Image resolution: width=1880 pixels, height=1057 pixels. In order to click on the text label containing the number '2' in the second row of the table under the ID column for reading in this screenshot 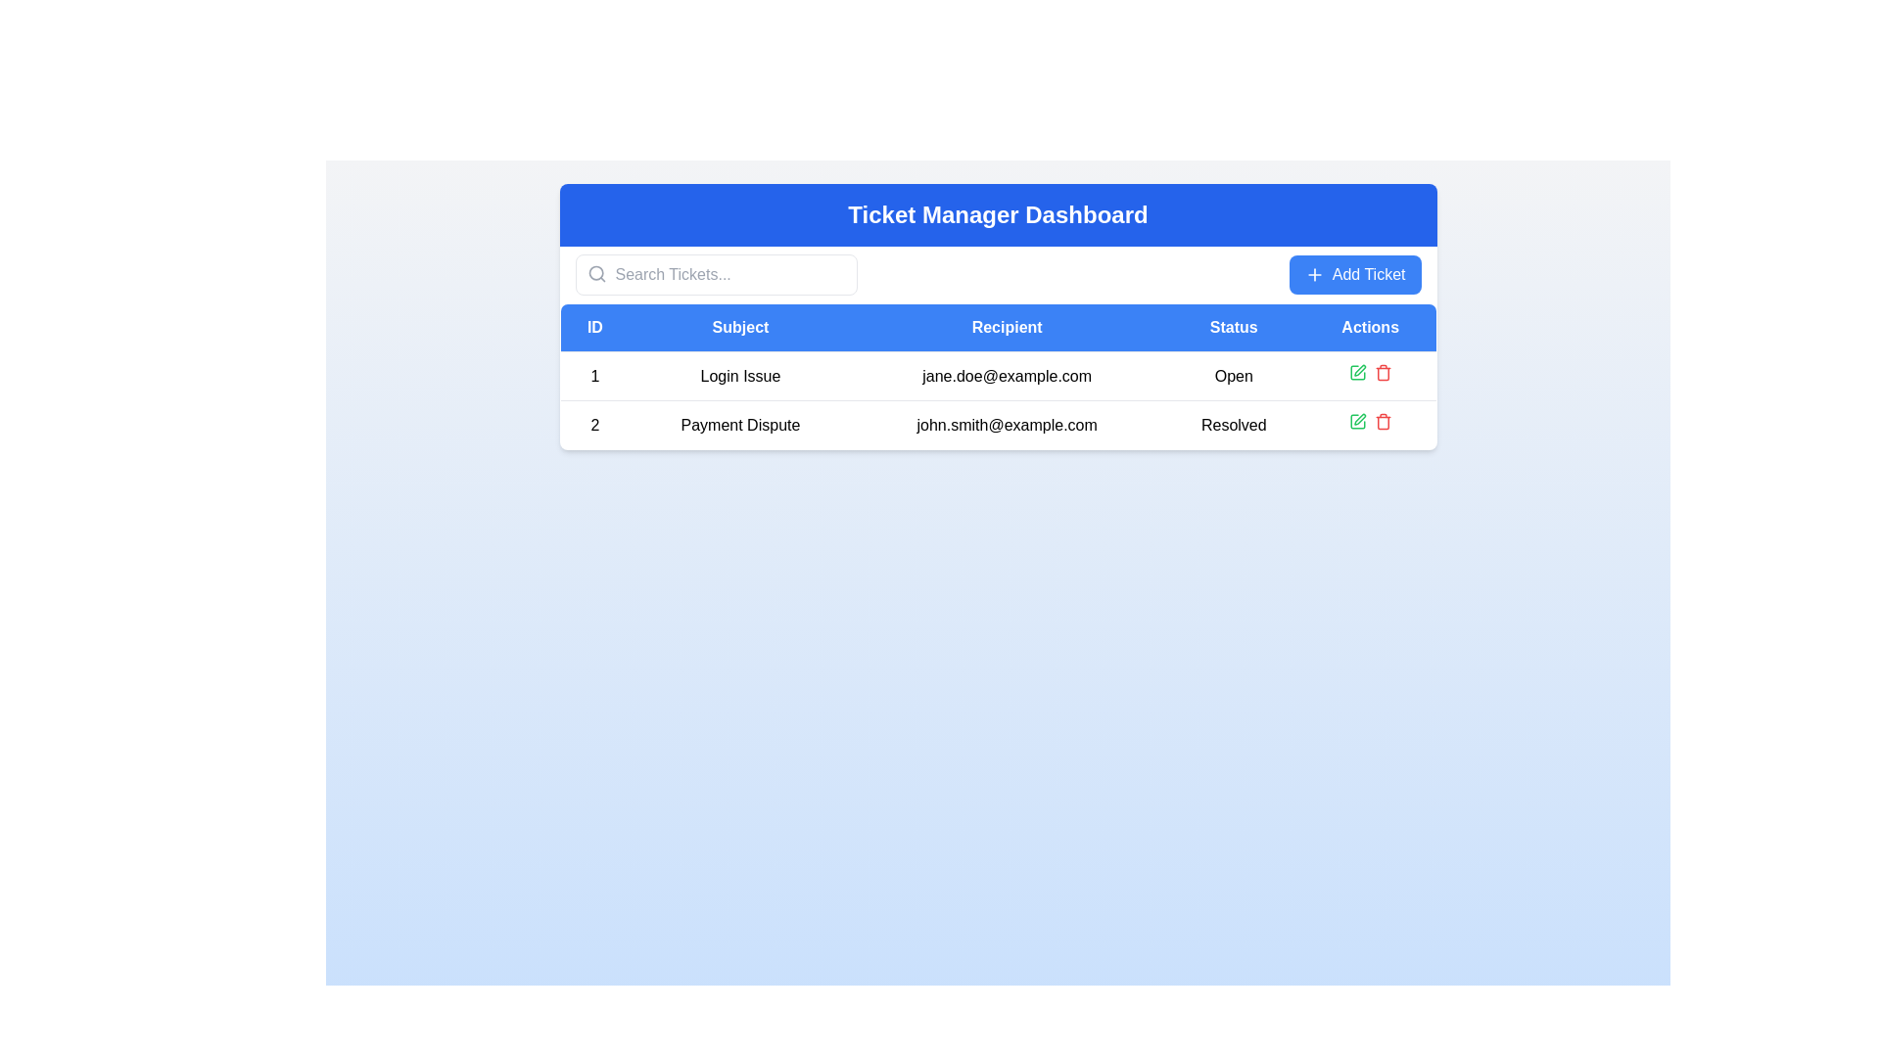, I will do `click(593, 424)`.